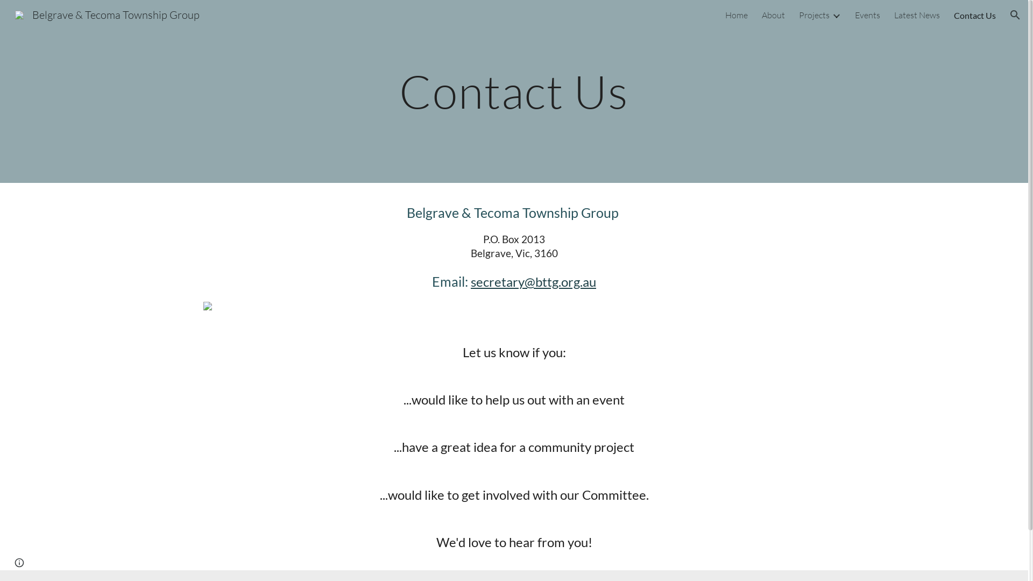 The width and height of the screenshot is (1033, 581). What do you see at coordinates (854, 15) in the screenshot?
I see `'Events'` at bounding box center [854, 15].